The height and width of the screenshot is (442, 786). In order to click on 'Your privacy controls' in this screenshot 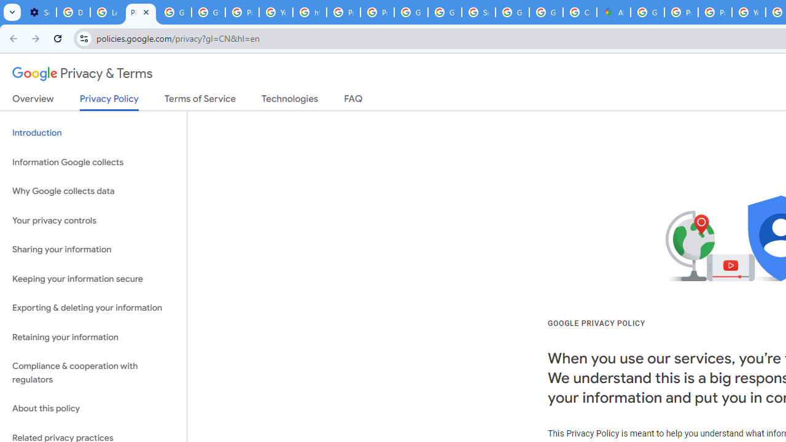, I will do `click(93, 220)`.